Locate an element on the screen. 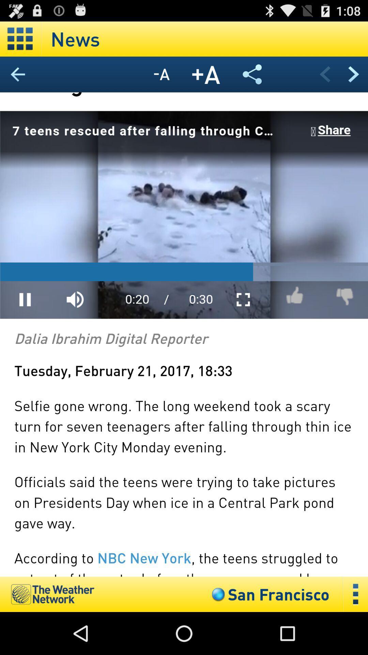 This screenshot has height=655, width=368. increase font size is located at coordinates (206, 74).